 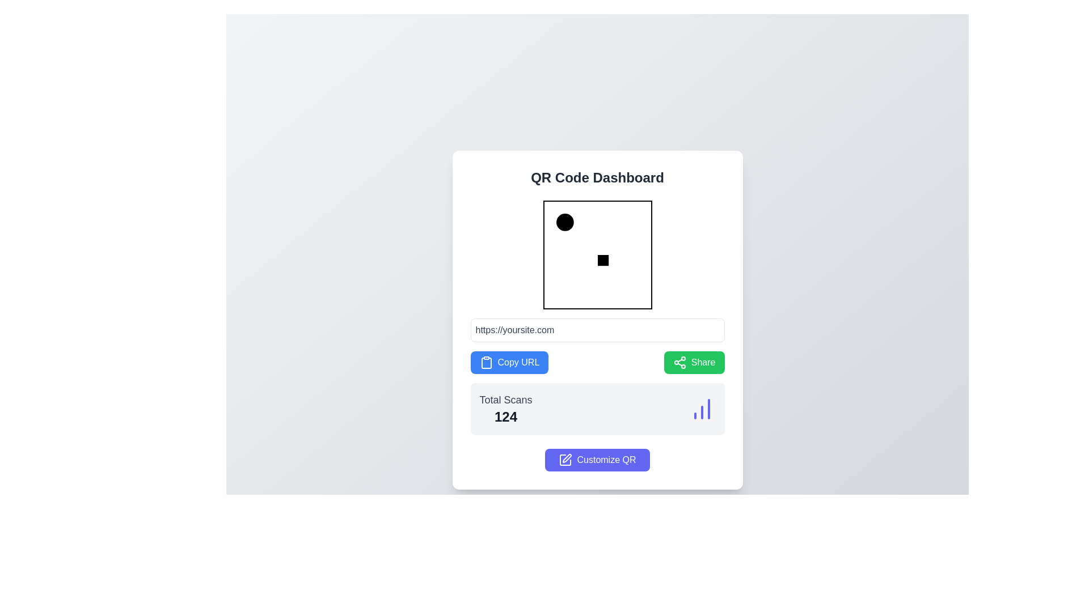 I want to click on the blue button labeled 'Copy URL' that contains the clipboard icon, so click(x=486, y=363).